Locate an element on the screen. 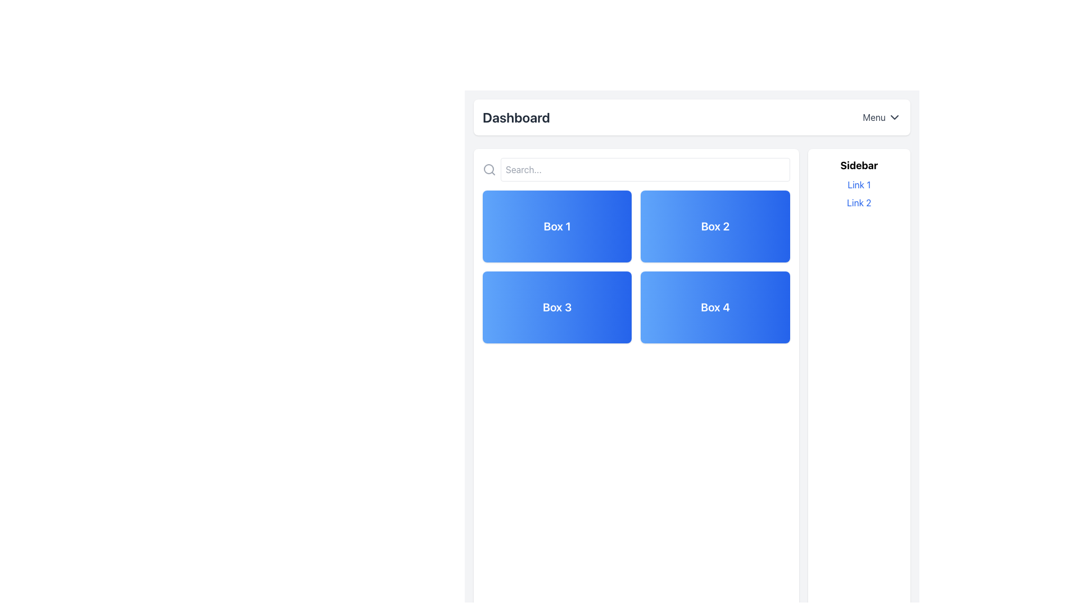 Image resolution: width=1079 pixels, height=607 pixels. the first interactive hyperlink in the 'Sidebar' is located at coordinates (858, 184).